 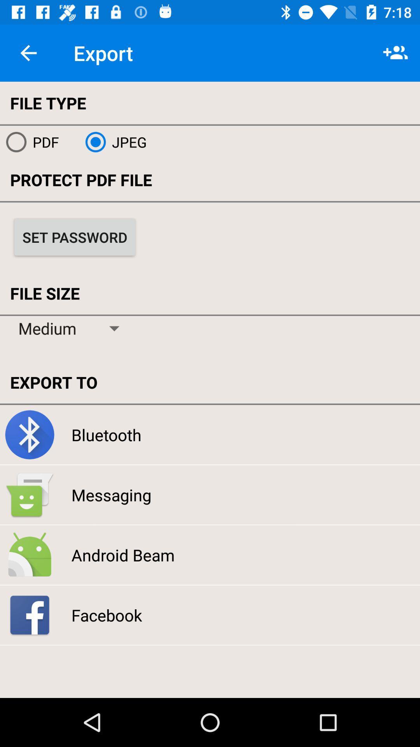 I want to click on the item above the file type item, so click(x=28, y=53).